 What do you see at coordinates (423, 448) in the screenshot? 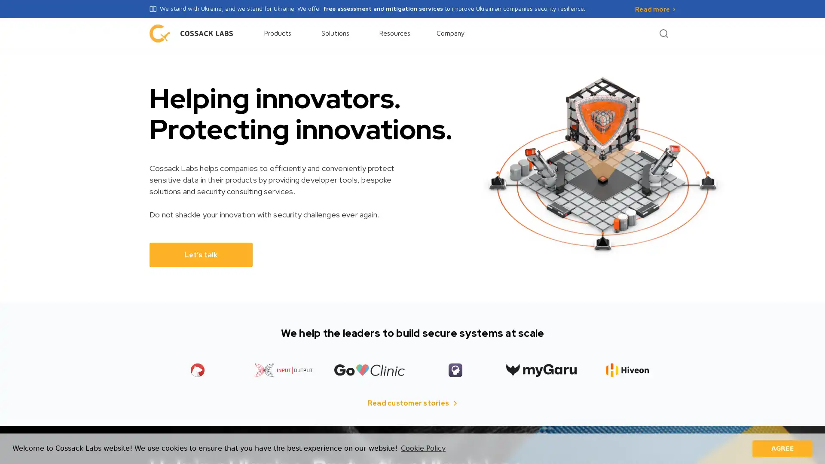
I see `learn more about cookies` at bounding box center [423, 448].